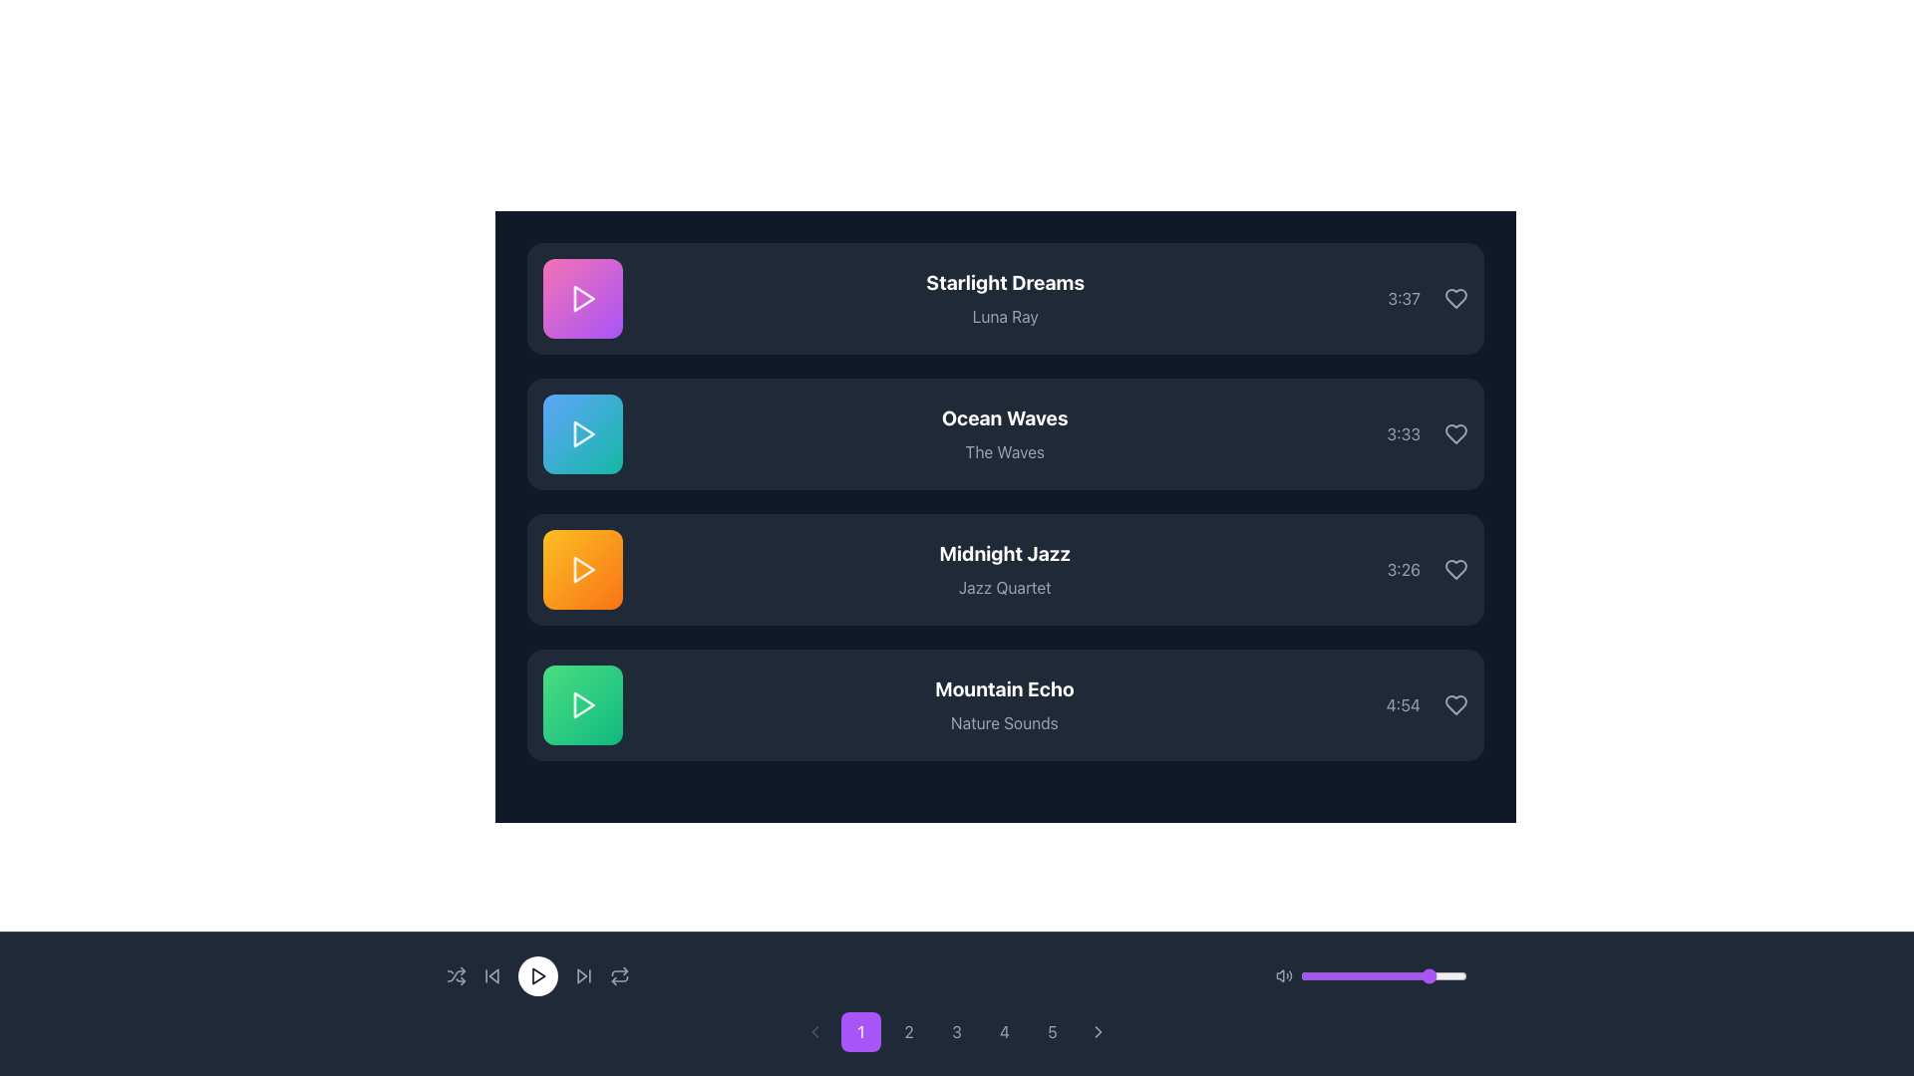 The height and width of the screenshot is (1076, 1914). What do you see at coordinates (1353, 974) in the screenshot?
I see `the slider value` at bounding box center [1353, 974].